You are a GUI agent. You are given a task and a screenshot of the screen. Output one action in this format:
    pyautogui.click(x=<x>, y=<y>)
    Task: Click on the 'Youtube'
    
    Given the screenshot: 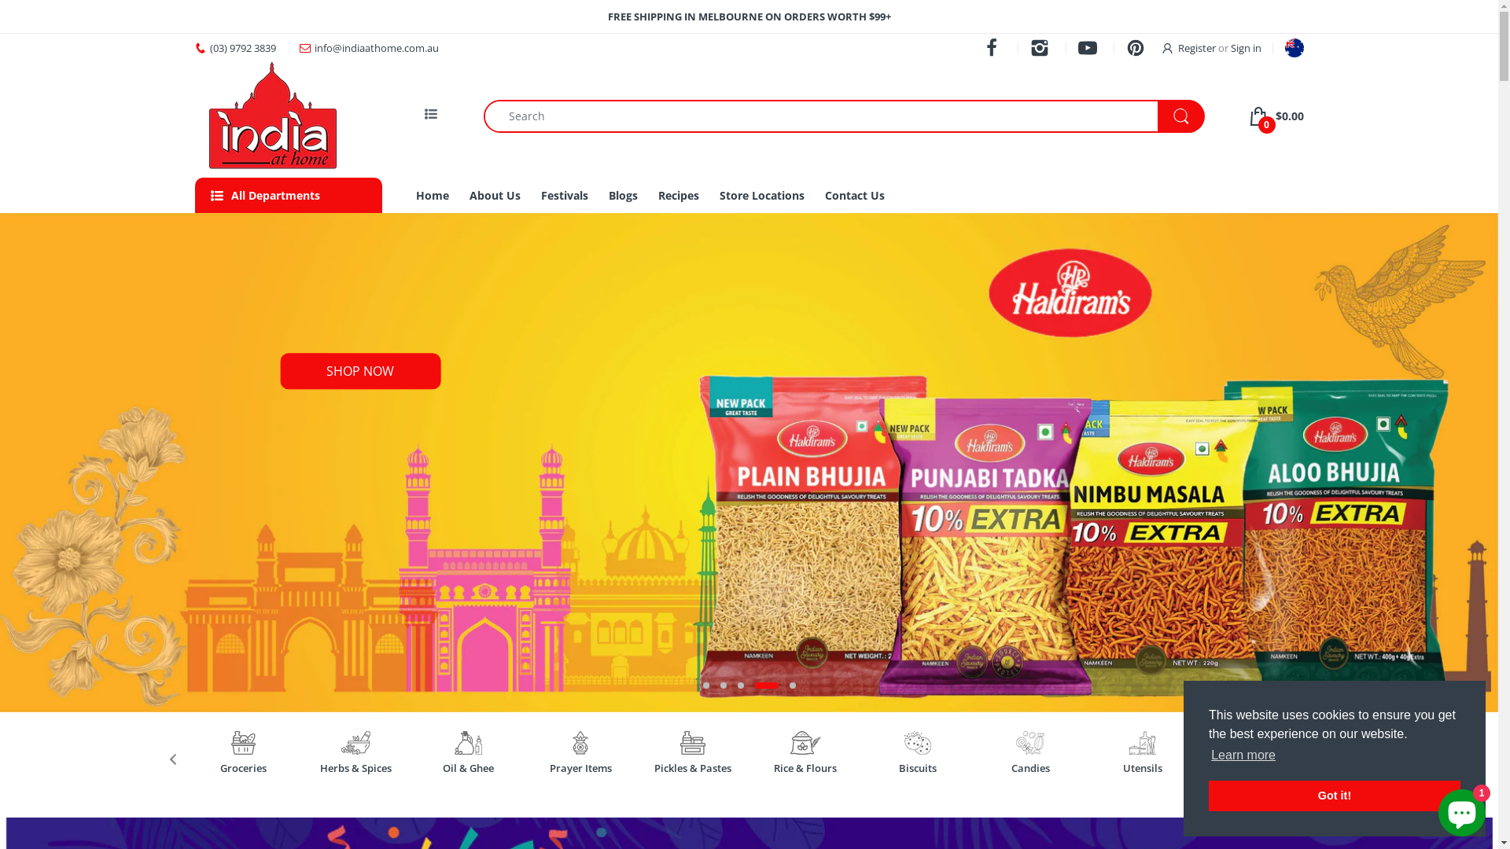 What is the action you would take?
    pyautogui.click(x=1088, y=47)
    